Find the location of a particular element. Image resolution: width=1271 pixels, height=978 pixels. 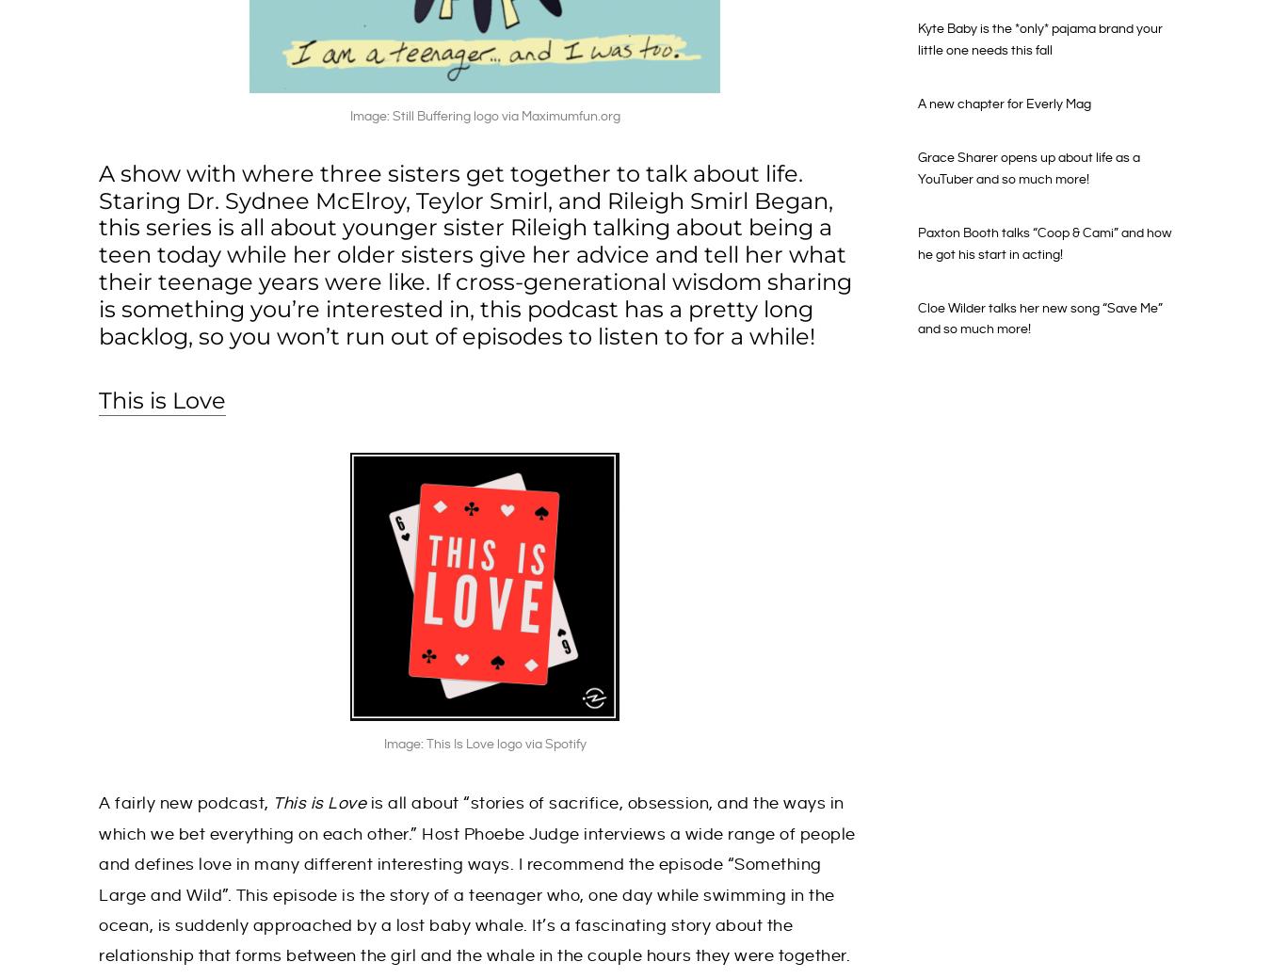

'is all about “stories of sacrifice, obsession, and the ways in which we bet everything on each other.” Host Phoebe Judge interviews a wide range of people and defines love in many different interesting ways. I recommend the episode “Something Large and Wild”. This episode is the story of a teenager who, one day while swimming in the ocean, is suddenly approached by a lost baby whale. It’s a fascinating story about the relationship that forms between the girl and the whale in the couple hours they were together.' is located at coordinates (475, 879).